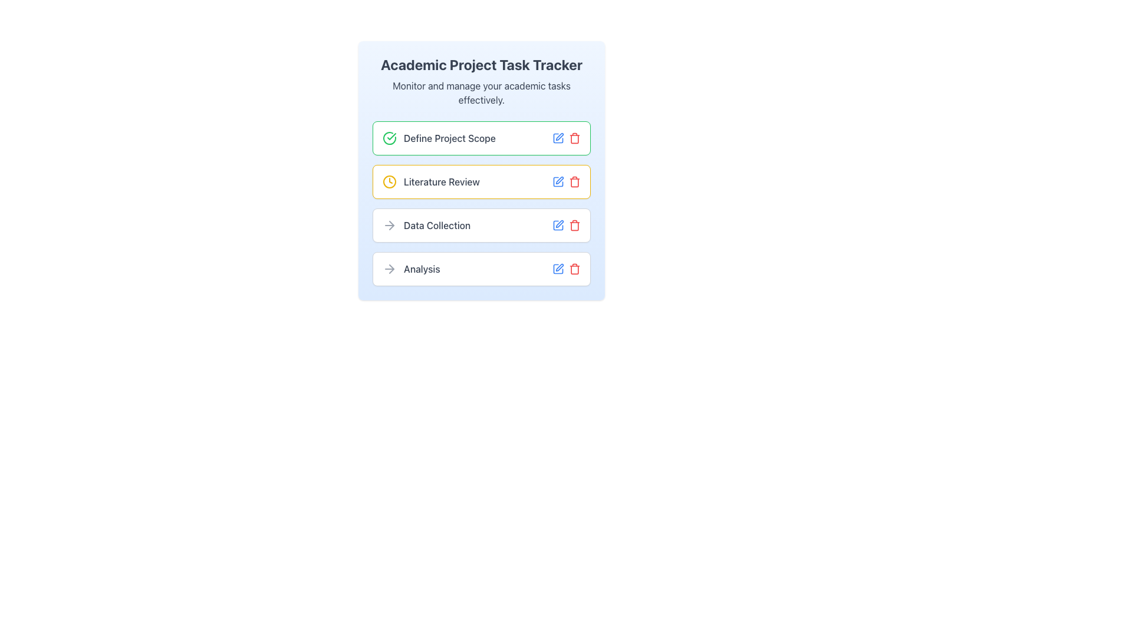 The image size is (1132, 636). What do you see at coordinates (574, 181) in the screenshot?
I see `the red trash icon button next to the blue edit icon in the second row of the list under the 'Literature Review' task` at bounding box center [574, 181].